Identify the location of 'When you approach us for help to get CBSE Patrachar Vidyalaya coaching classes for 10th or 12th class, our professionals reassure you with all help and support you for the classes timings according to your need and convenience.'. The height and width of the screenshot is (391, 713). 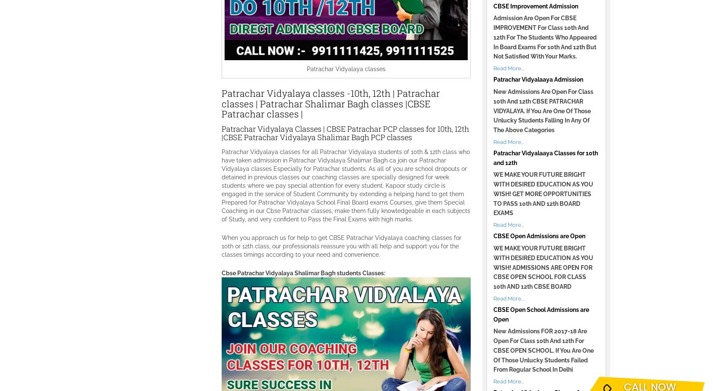
(341, 245).